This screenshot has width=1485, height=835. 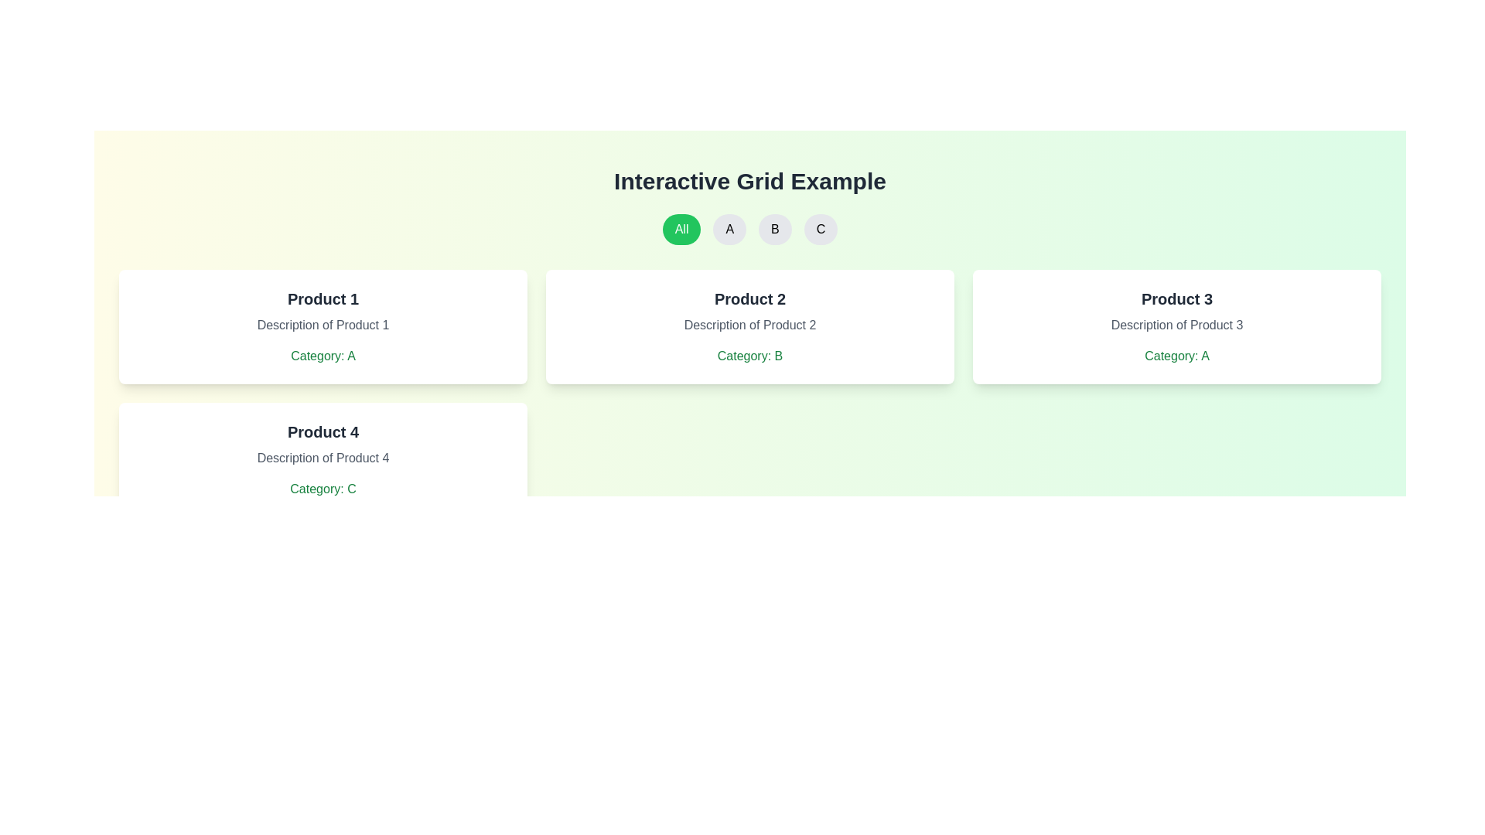 What do you see at coordinates (1176, 298) in the screenshot?
I see `the heading that displays the text 'Product 3'` at bounding box center [1176, 298].